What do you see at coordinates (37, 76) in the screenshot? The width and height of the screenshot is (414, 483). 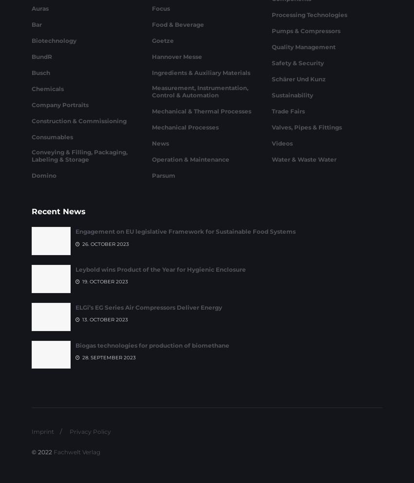 I see `'Bar'` at bounding box center [37, 76].